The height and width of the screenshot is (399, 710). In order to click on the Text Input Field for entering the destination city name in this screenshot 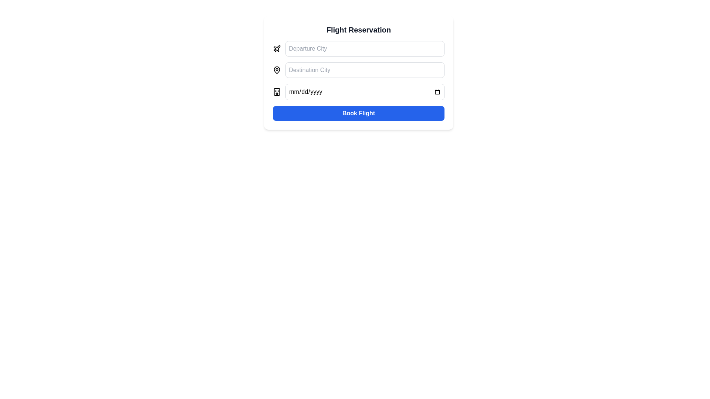, I will do `click(365, 70)`.